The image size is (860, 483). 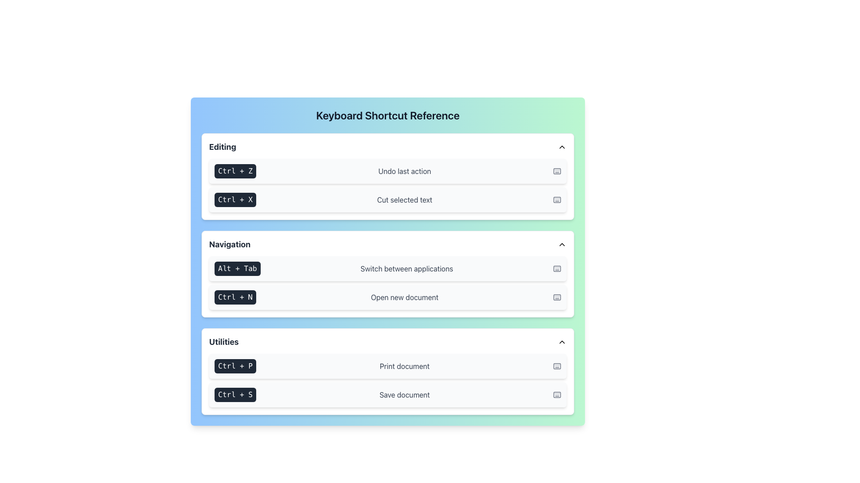 I want to click on static text label that says 'Open new document', which is centrally aligned in the navigation section of the shortcut instructions grid, so click(x=404, y=297).